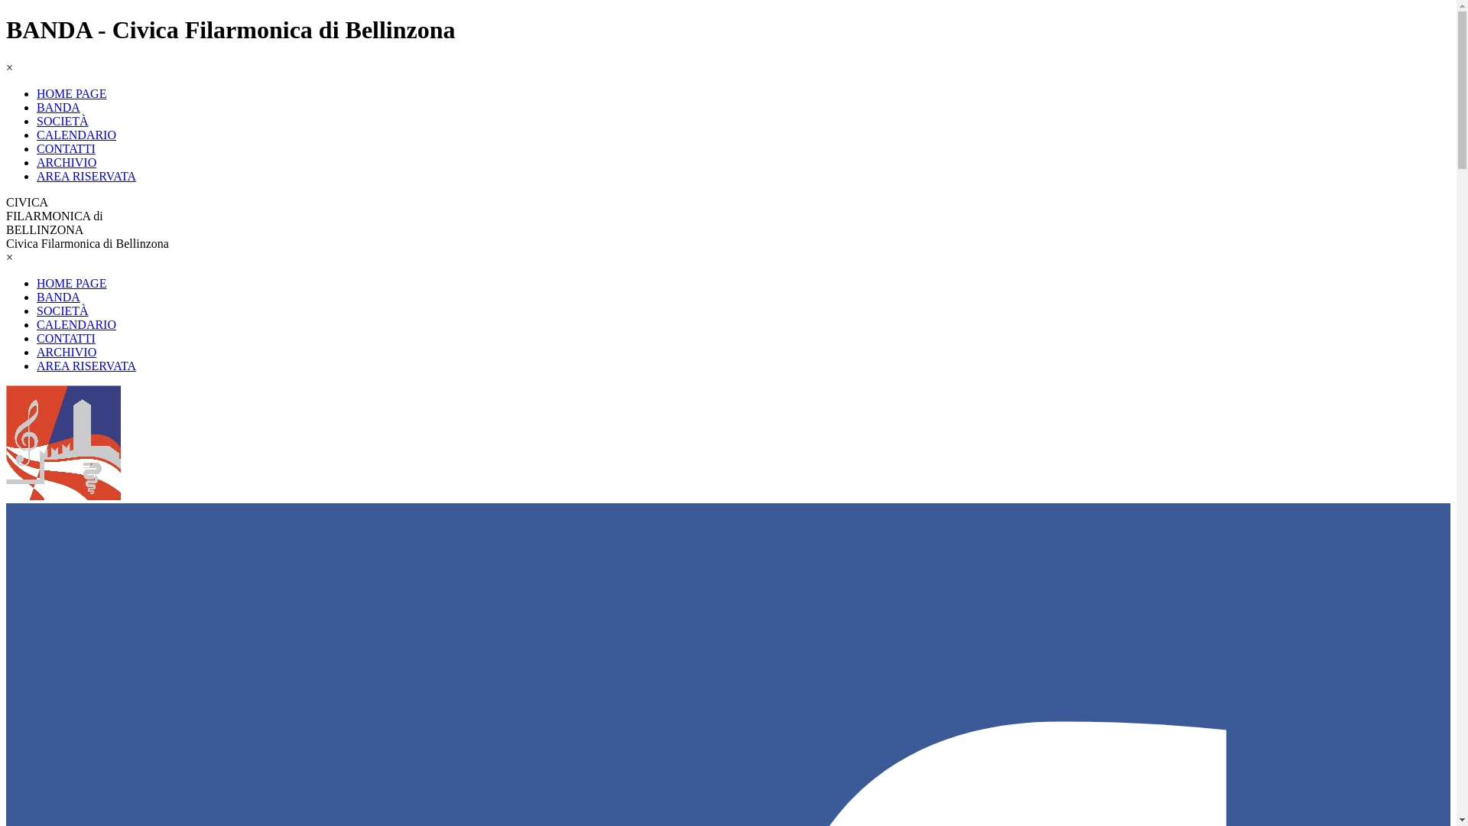 This screenshot has width=1468, height=826. What do you see at coordinates (70, 283) in the screenshot?
I see `'HOME PAGE'` at bounding box center [70, 283].